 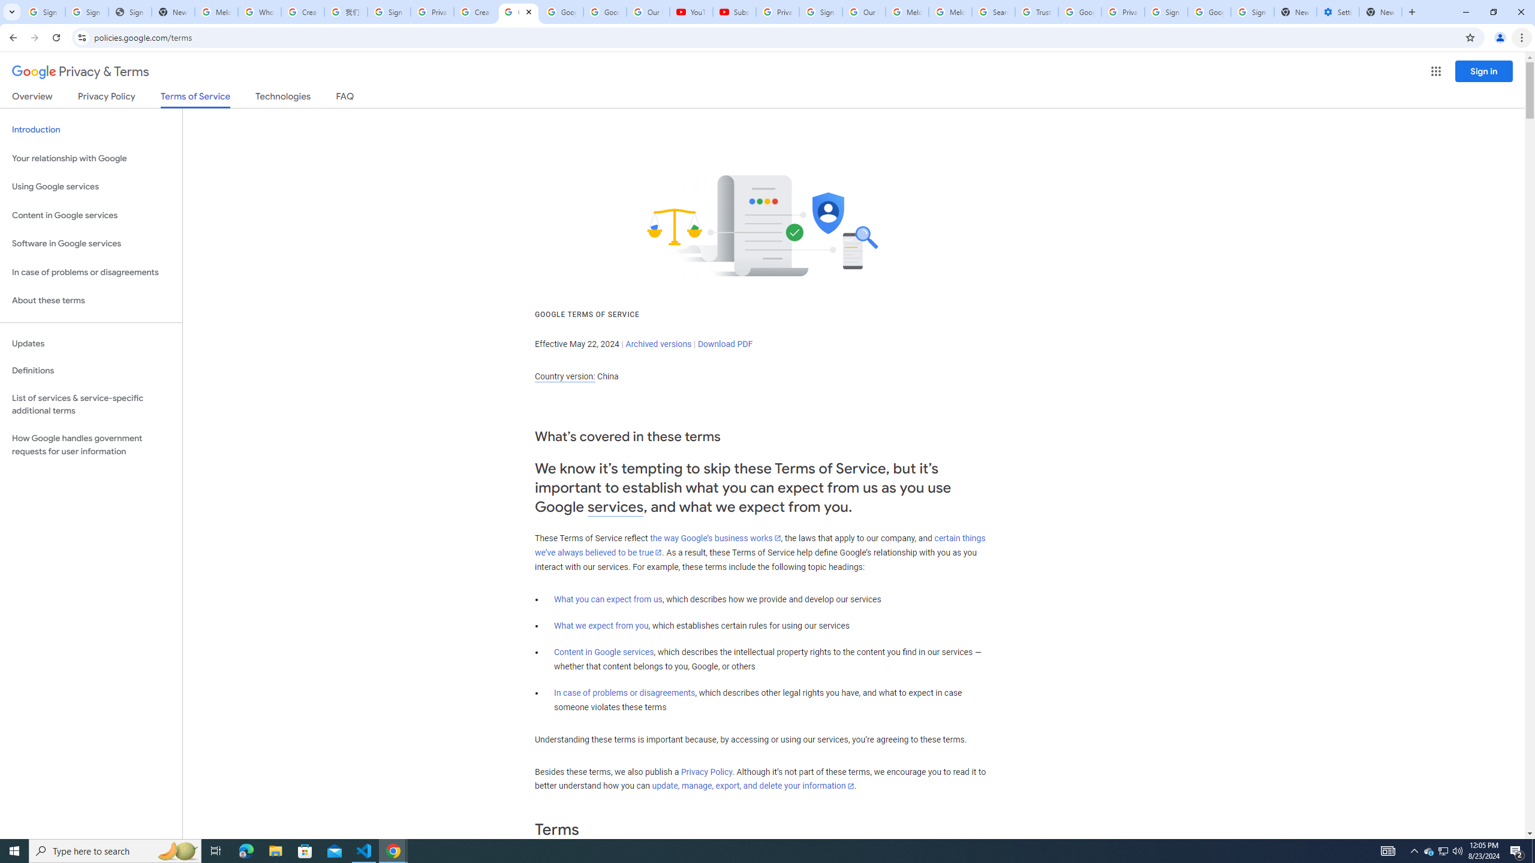 I want to click on 'Privacy & Terms', so click(x=80, y=71).